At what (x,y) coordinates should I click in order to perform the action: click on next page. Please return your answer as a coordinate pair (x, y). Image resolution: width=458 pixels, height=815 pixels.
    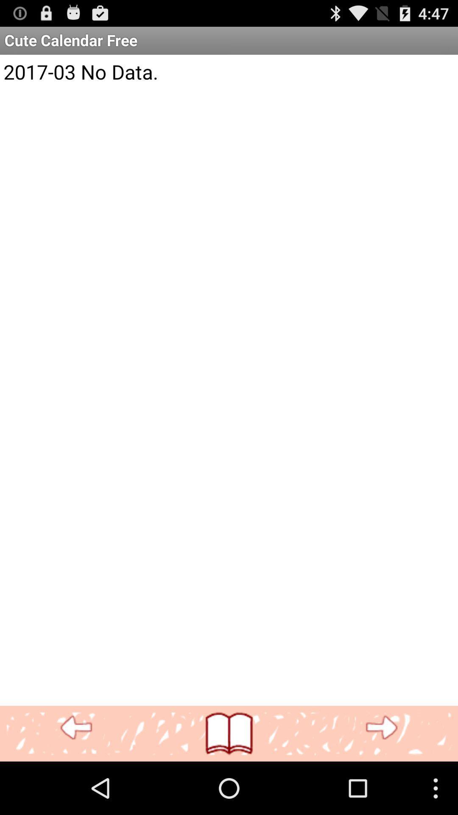
    Looking at the image, I should click on (381, 728).